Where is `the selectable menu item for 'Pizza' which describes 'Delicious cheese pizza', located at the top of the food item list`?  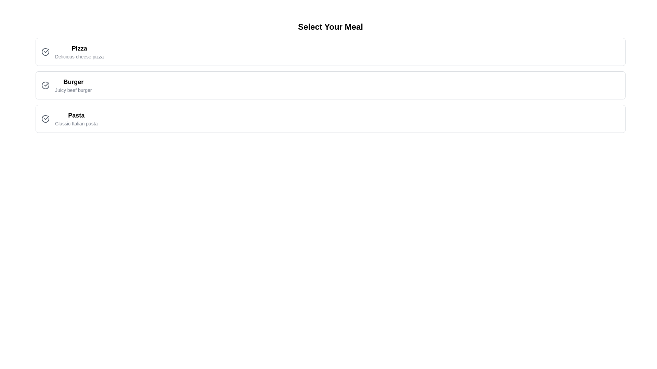
the selectable menu item for 'Pizza' which describes 'Delicious cheese pizza', located at the top of the food item list is located at coordinates (73, 51).